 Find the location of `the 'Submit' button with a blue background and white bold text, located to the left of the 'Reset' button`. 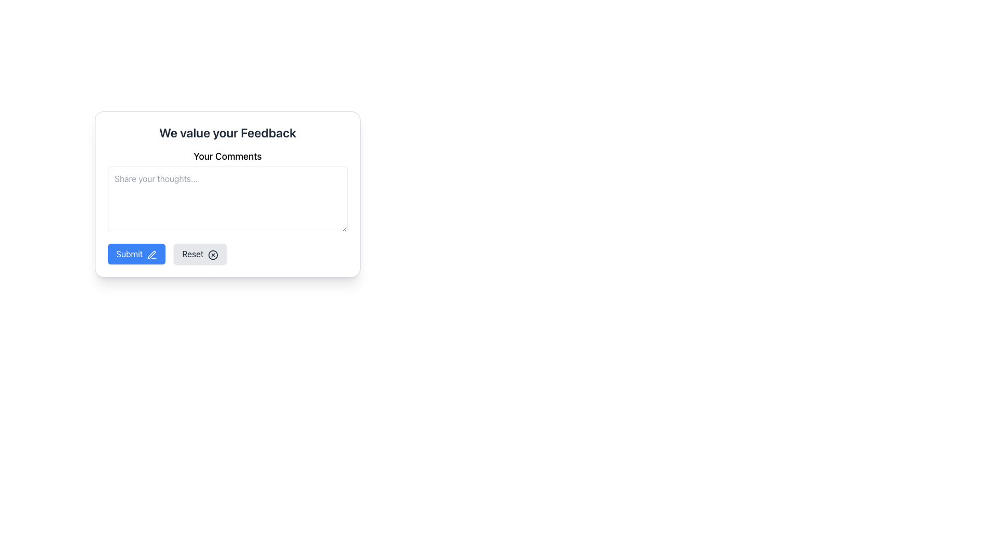

the 'Submit' button with a blue background and white bold text, located to the left of the 'Reset' button is located at coordinates (136, 254).